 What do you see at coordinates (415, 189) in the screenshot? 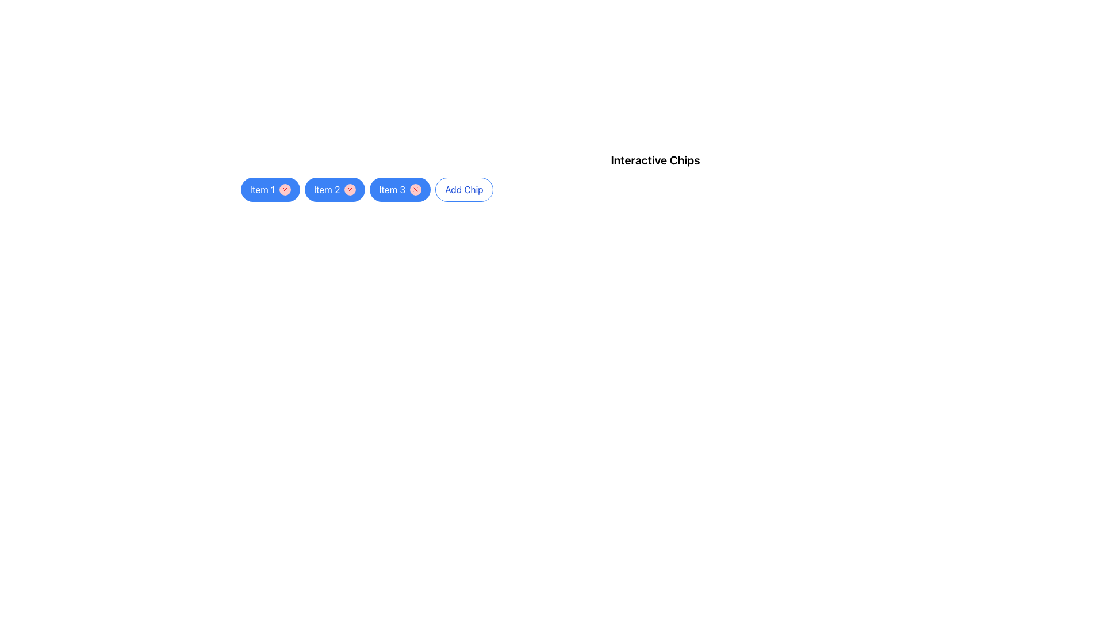
I see `the small circular red button with a cross icon located to the right of the text 'Item 3'` at bounding box center [415, 189].